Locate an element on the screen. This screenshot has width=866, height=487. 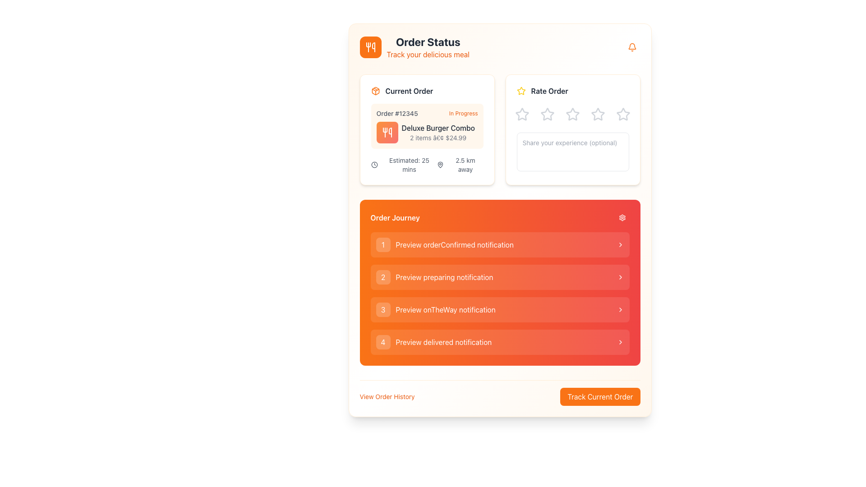
the text label displaying '2.5 km away' located in the 'Current Order' section, positioned to the right of the dark gray map pin icon is located at coordinates (460, 165).